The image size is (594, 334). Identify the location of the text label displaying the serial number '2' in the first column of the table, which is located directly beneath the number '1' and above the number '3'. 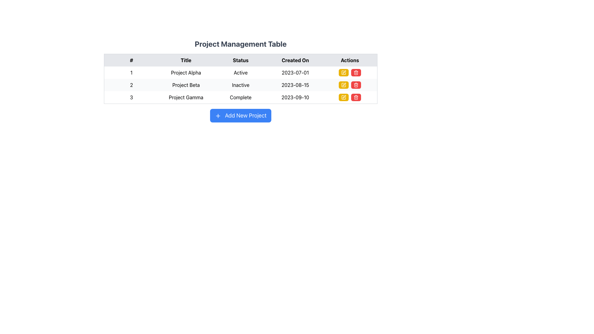
(131, 85).